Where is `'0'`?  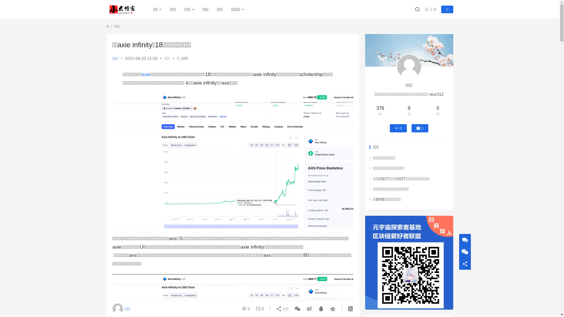
'0' is located at coordinates (247, 308).